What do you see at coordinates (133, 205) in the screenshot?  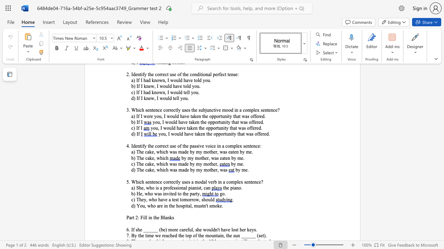 I see `the space between the continuous character "d" and ")" in the text` at bounding box center [133, 205].